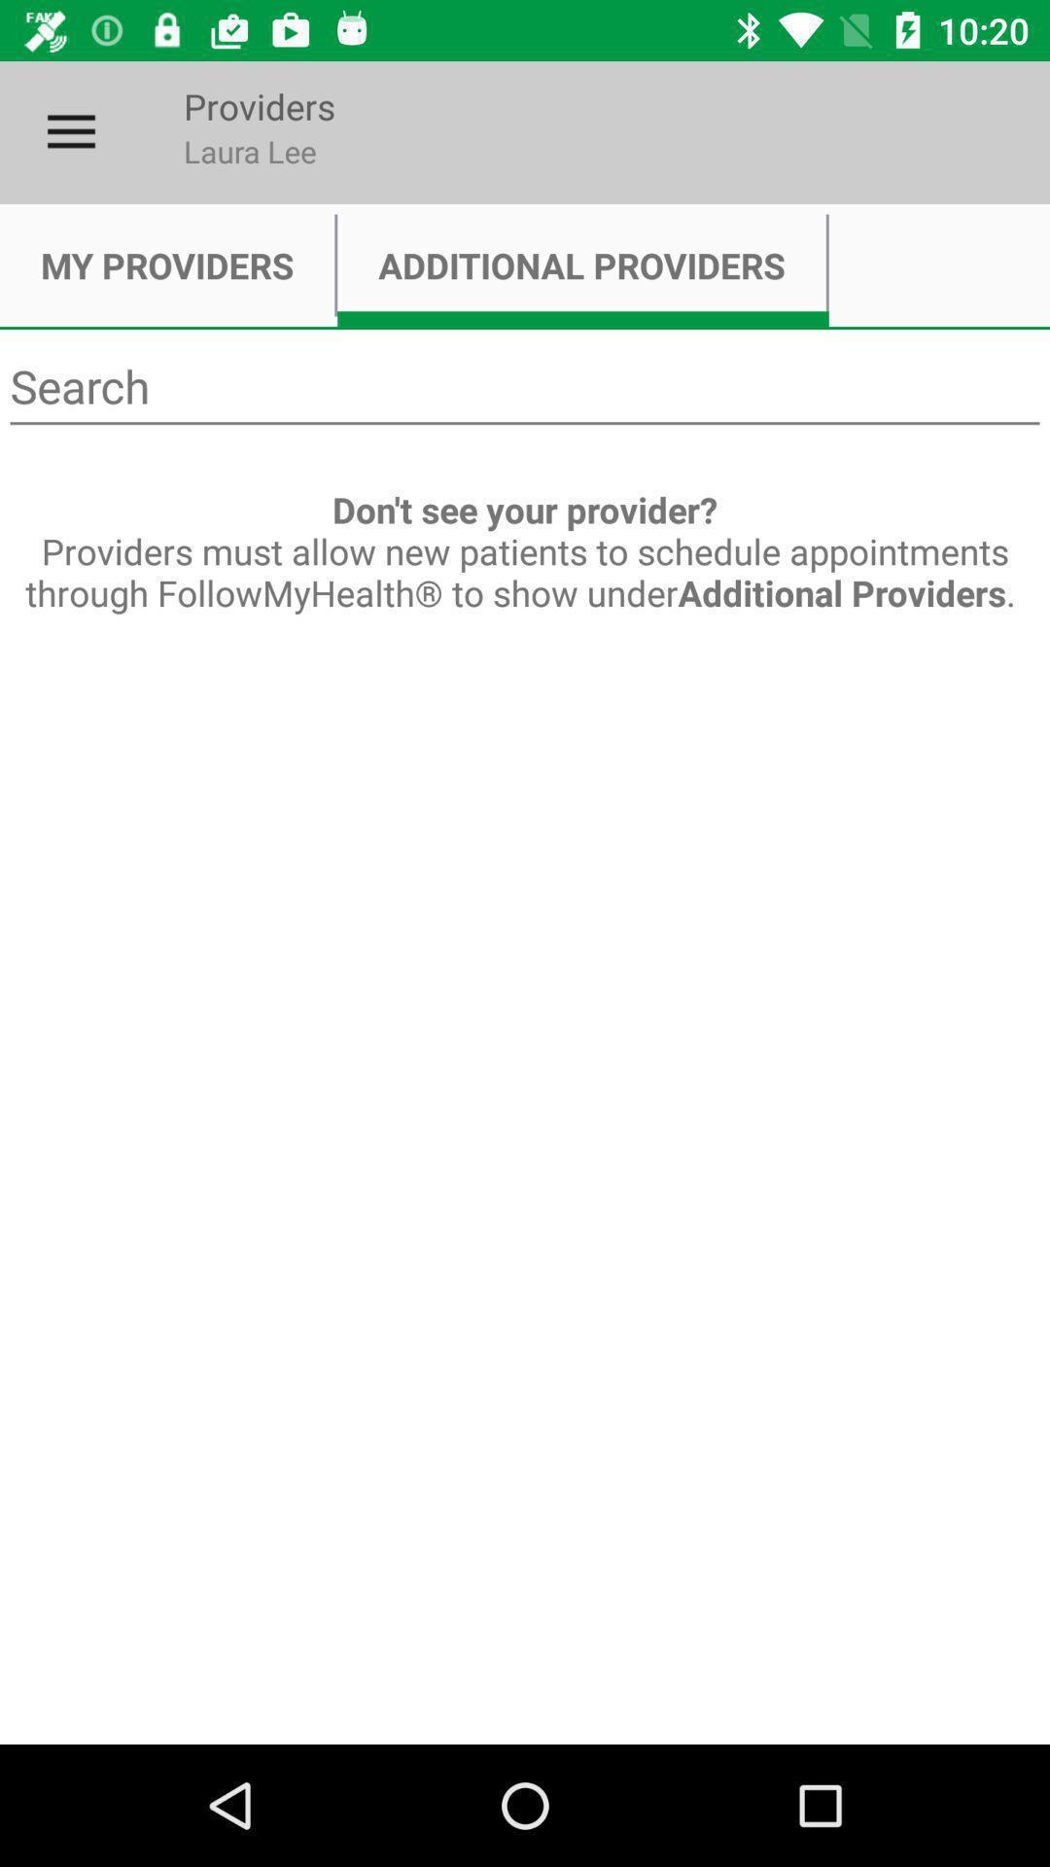 This screenshot has height=1867, width=1050. I want to click on item to the left of the providers, so click(70, 131).